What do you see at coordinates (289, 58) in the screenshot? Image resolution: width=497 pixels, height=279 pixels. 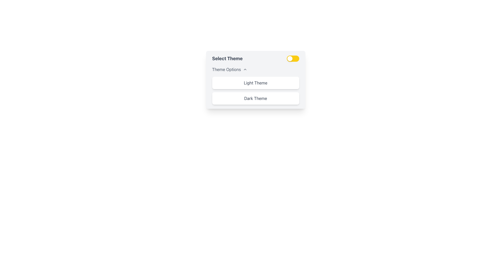 I see `the appearance of the sun icon representing the 'Light Theme', which is located to the left of the toggle switch in the 'Select Theme' component` at bounding box center [289, 58].